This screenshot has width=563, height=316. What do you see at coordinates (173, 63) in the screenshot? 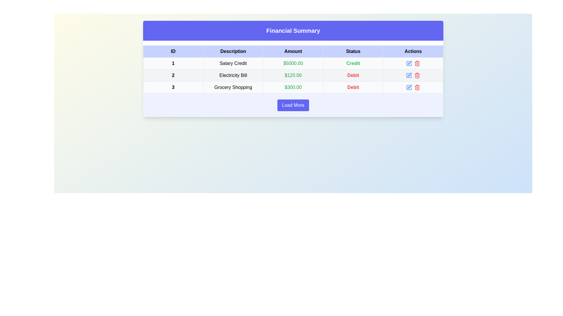
I see `the numeric text '1' which is styled in bold and located in the first cell of the 'ID' column in the first row of the table` at bounding box center [173, 63].